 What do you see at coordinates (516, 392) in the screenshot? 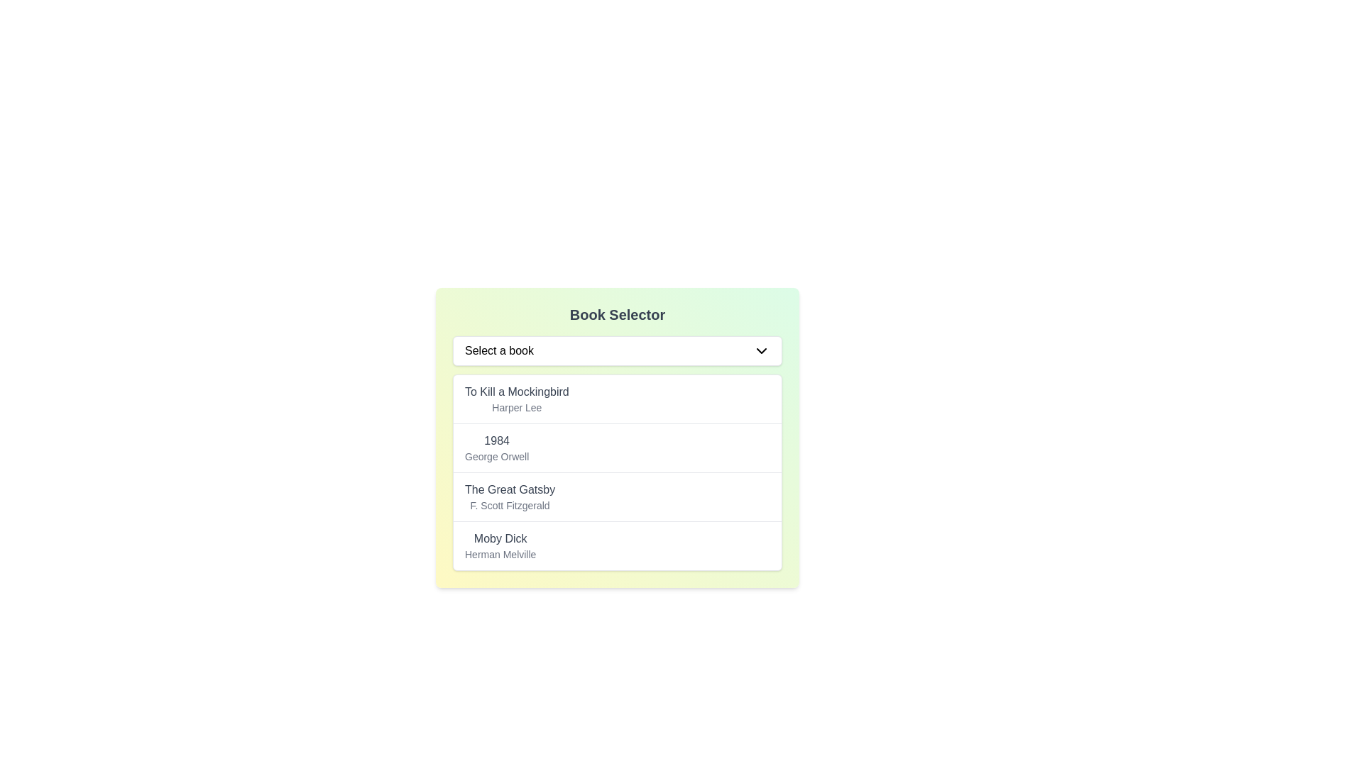
I see `the text label that states 'To Kill a Mockingbird' which is prominently displayed in a dropdown list box labeled 'Book Selector.'` at bounding box center [516, 392].